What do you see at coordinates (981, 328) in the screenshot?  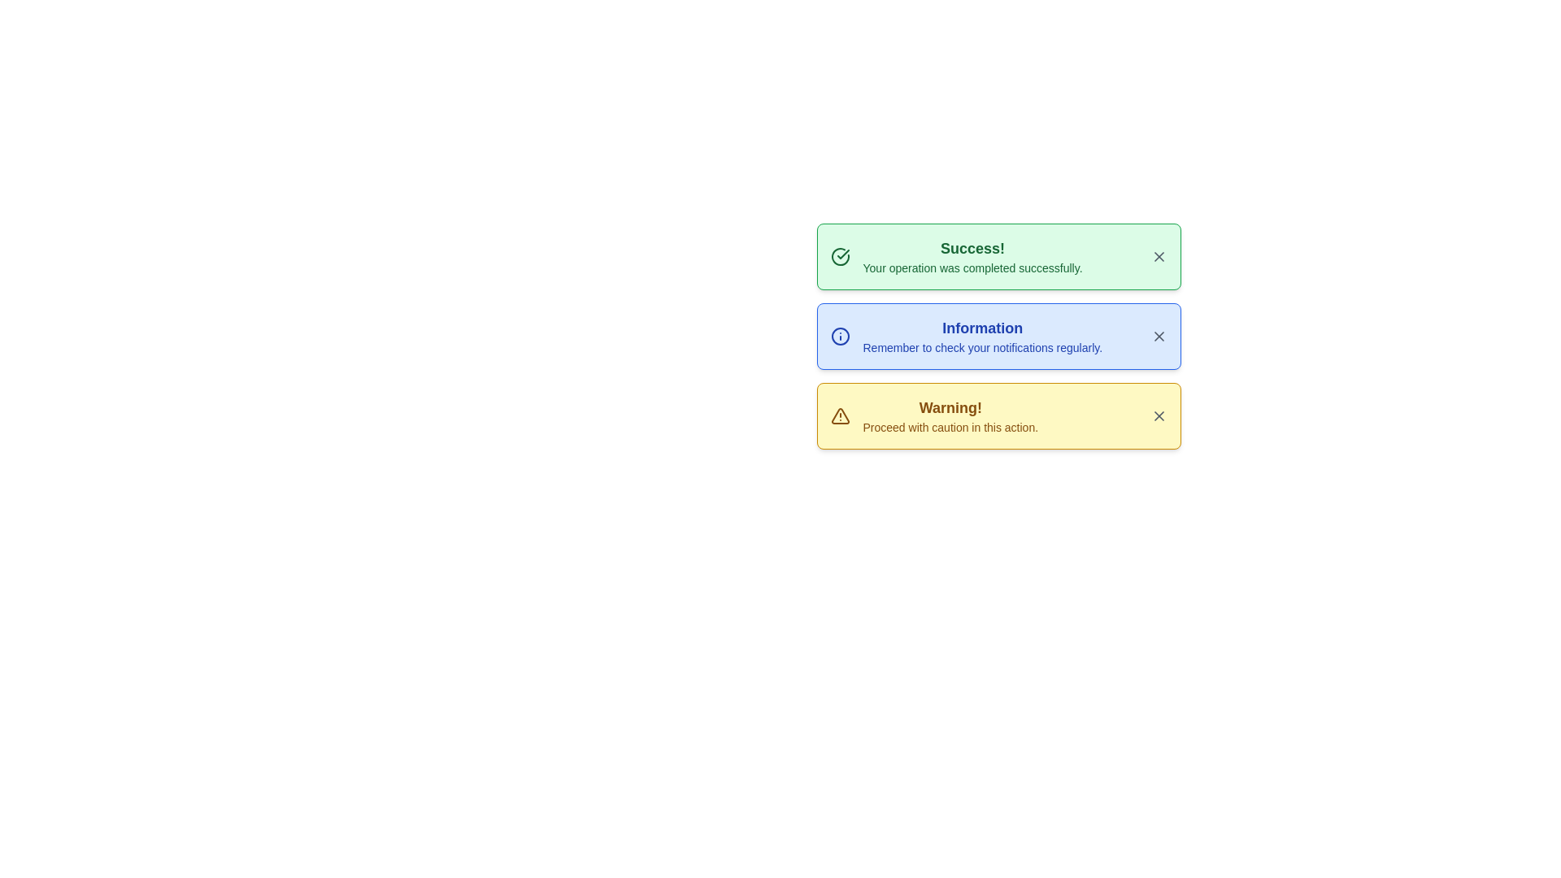 I see `text content of the heading element that serves as a title for the notification box, positioned centrally within the blue notification box` at bounding box center [981, 328].